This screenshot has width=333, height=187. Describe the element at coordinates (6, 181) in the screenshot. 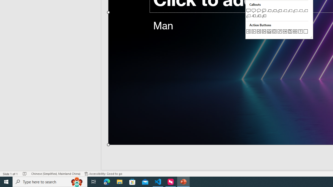

I see `'Start'` at that location.